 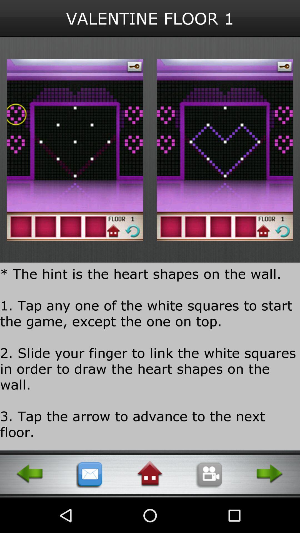 What do you see at coordinates (90, 507) in the screenshot?
I see `the email icon` at bounding box center [90, 507].